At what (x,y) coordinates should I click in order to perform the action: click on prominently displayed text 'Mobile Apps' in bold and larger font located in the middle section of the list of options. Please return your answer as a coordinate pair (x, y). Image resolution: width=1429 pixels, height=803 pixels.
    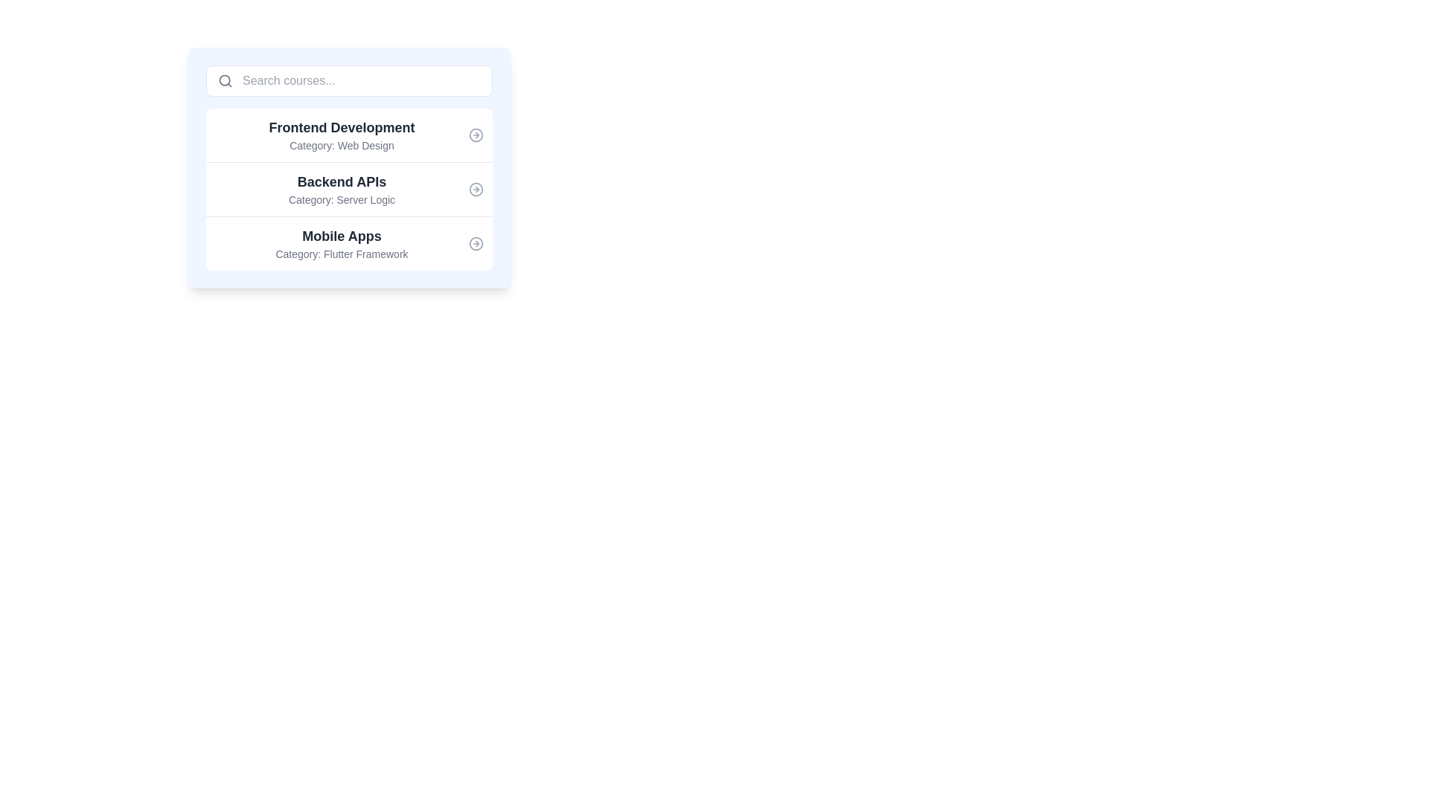
    Looking at the image, I should click on (341, 235).